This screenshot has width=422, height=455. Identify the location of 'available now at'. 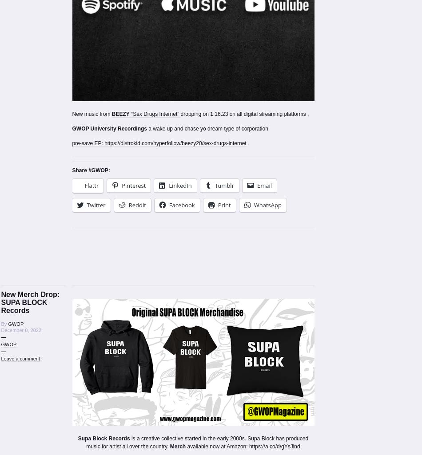
(185, 446).